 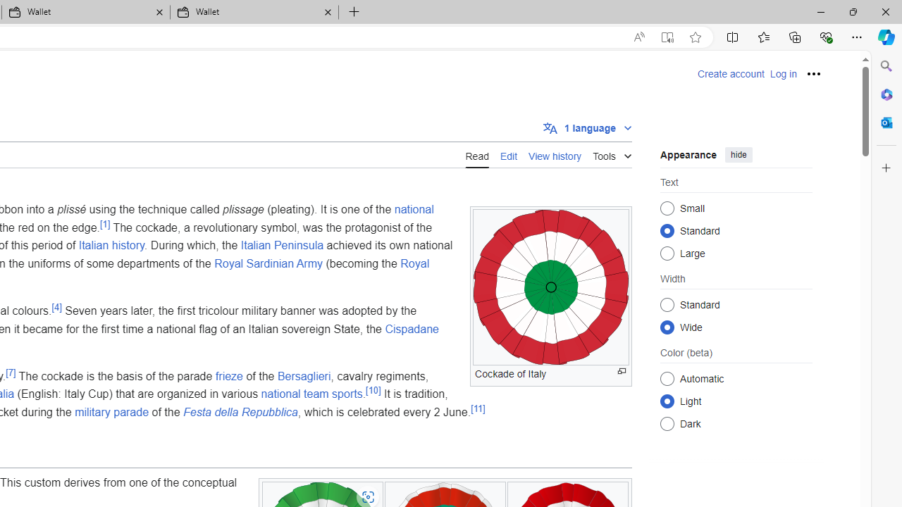 I want to click on 'Royal Sardinian Army', so click(x=269, y=263).